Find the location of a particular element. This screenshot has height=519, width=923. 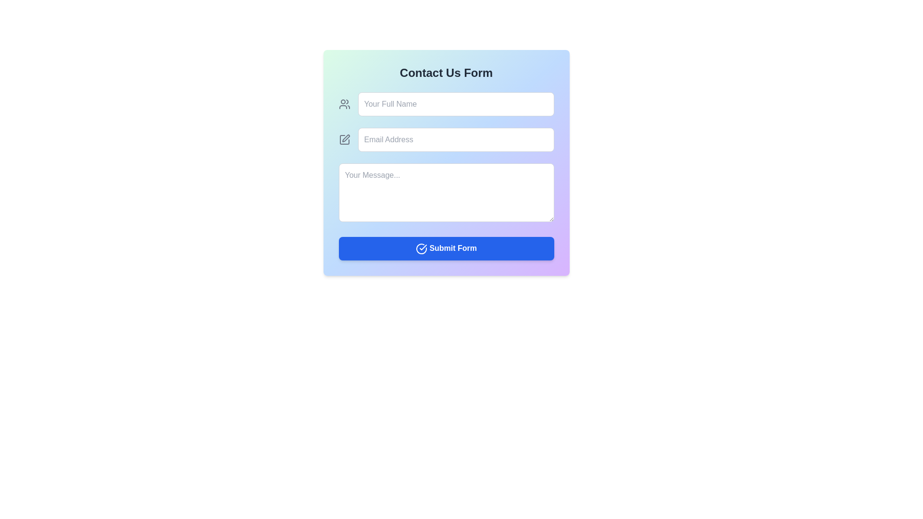

the user group icon, which is a gray graphical icon resembling two users, located to the left of the input field titled 'Your Full Name' is located at coordinates (344, 104).